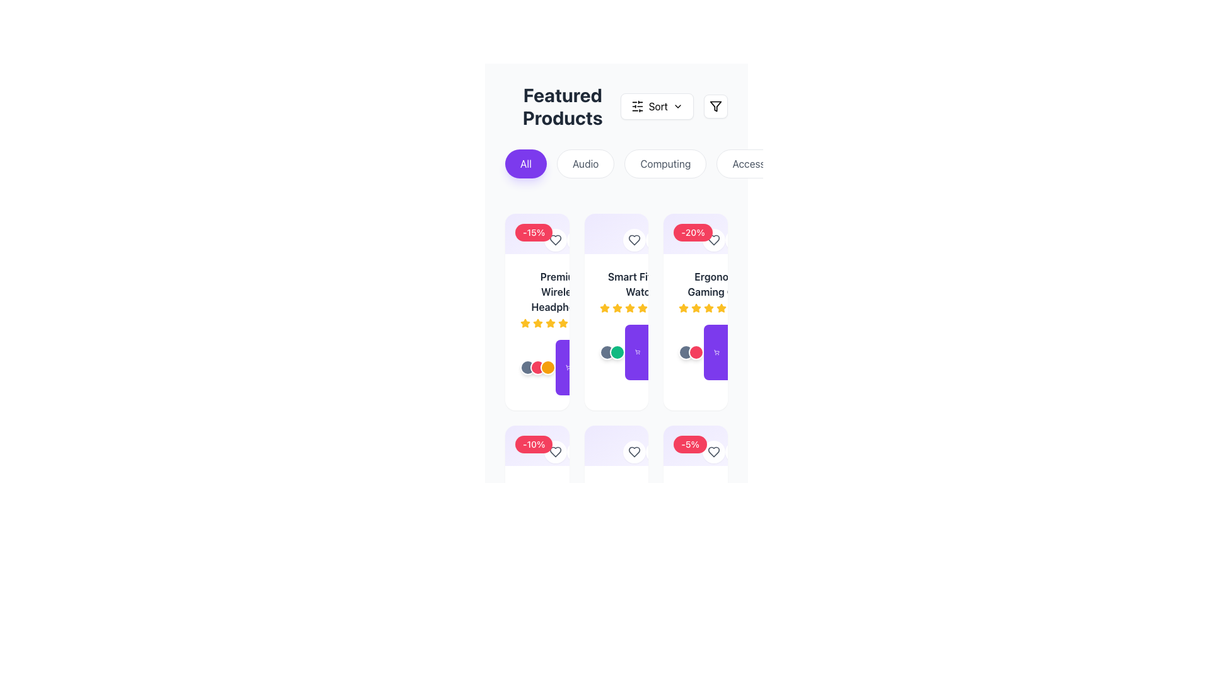 The width and height of the screenshot is (1211, 681). What do you see at coordinates (714, 240) in the screenshot?
I see `the heart icon located in the top-right corner of the product card, which is used to mark the product as a favorite or save it for later viewing` at bounding box center [714, 240].